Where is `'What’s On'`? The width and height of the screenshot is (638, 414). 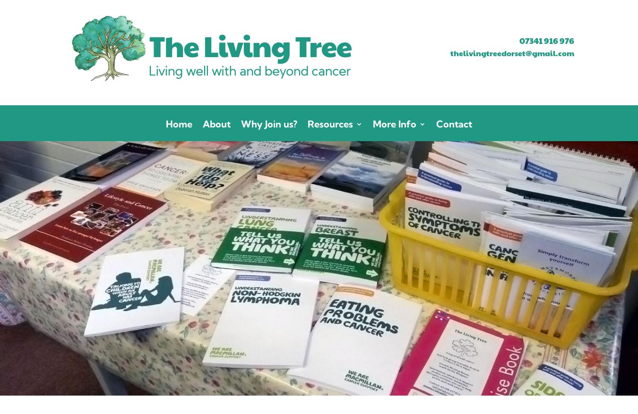
'What’s On' is located at coordinates (345, 179).